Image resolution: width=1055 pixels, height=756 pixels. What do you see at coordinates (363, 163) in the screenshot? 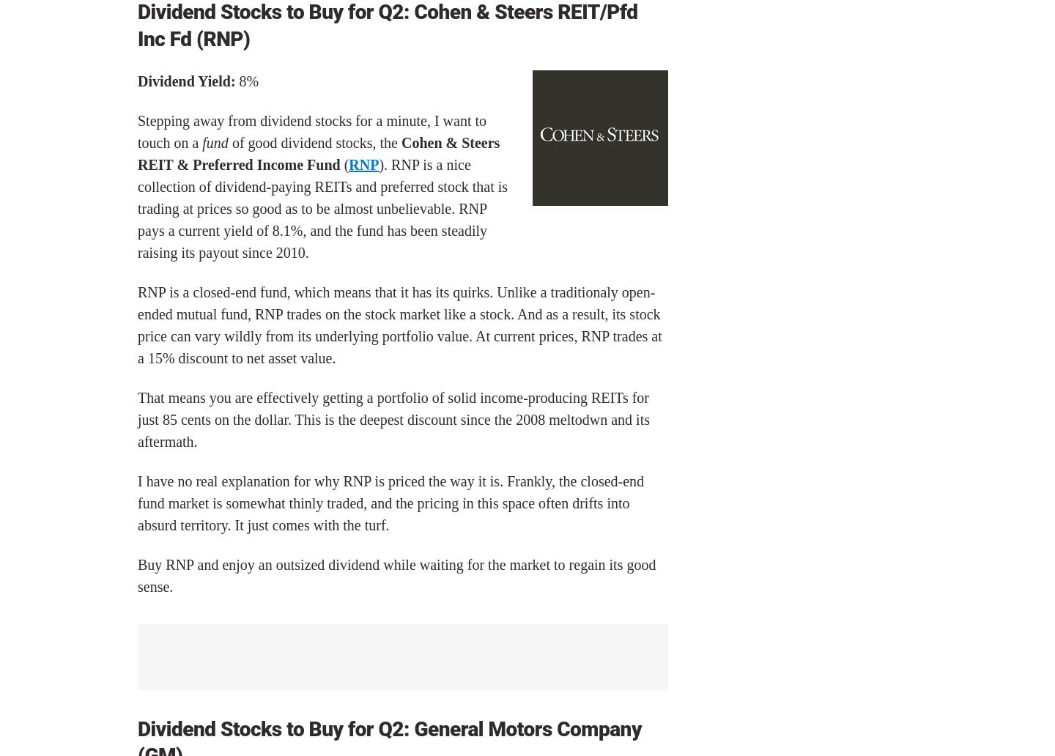
I see `'RNP'` at bounding box center [363, 163].